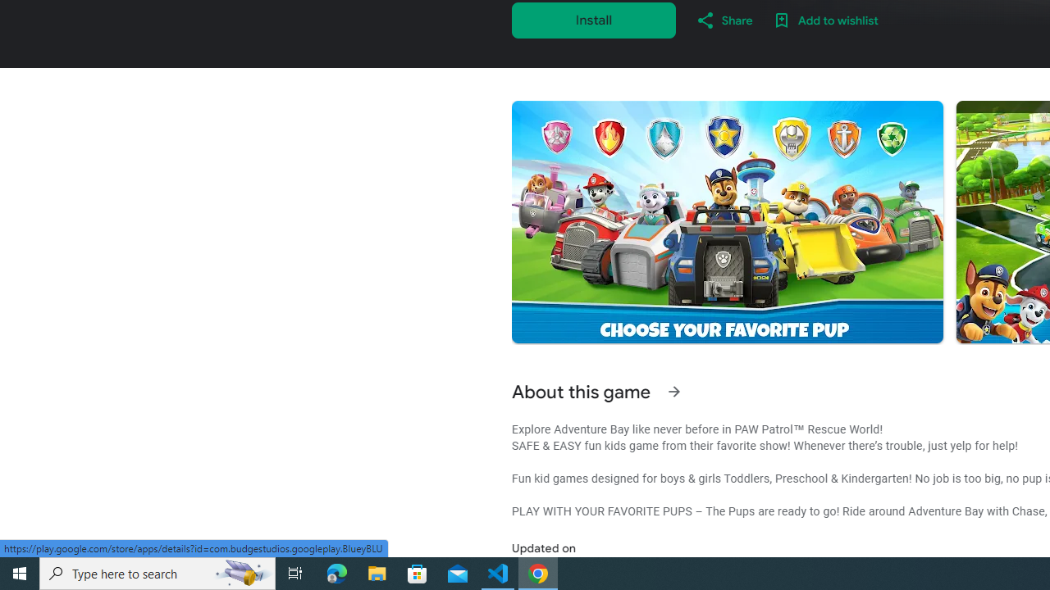  Describe the element at coordinates (825, 20) in the screenshot. I see `'Add to wishlist'` at that location.